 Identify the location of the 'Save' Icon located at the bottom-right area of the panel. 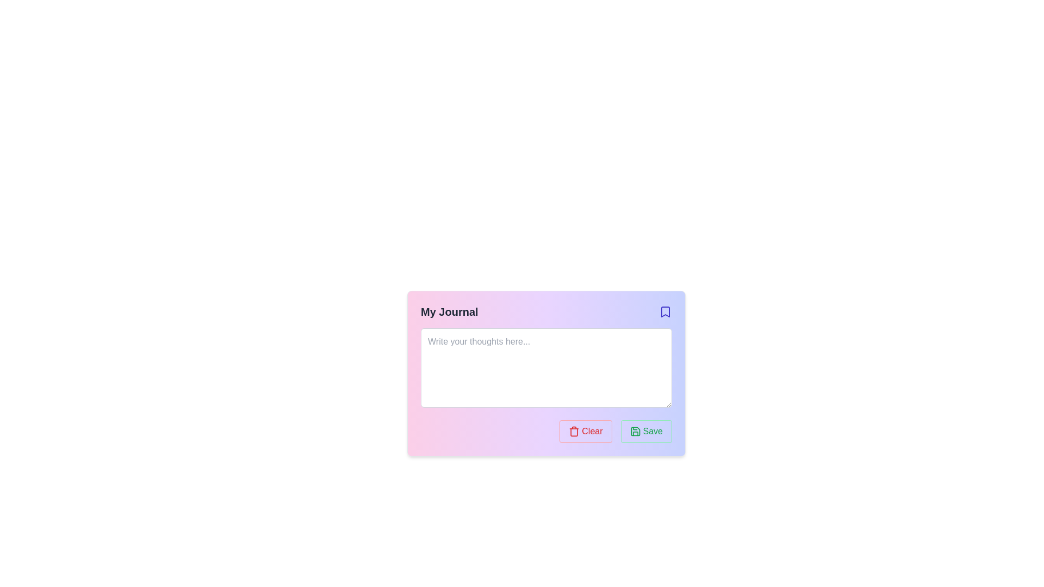
(635, 431).